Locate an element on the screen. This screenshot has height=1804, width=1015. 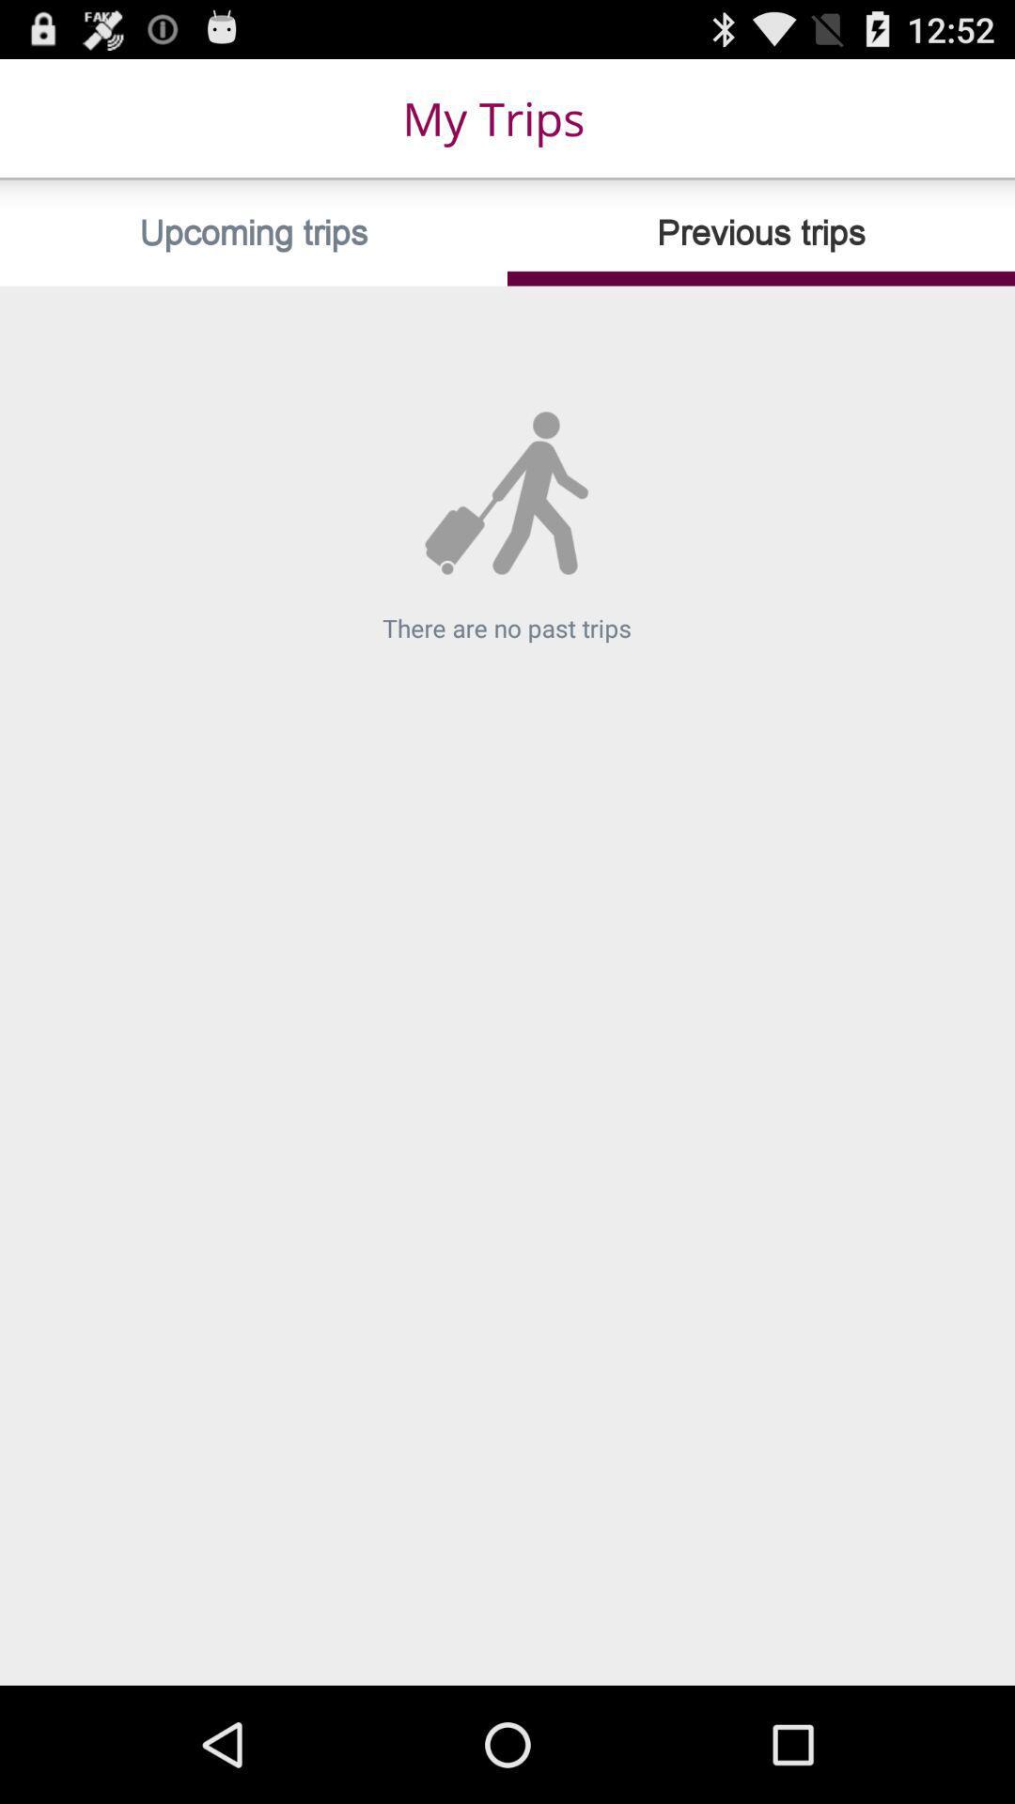
the icon above there are no item is located at coordinates (761, 232).